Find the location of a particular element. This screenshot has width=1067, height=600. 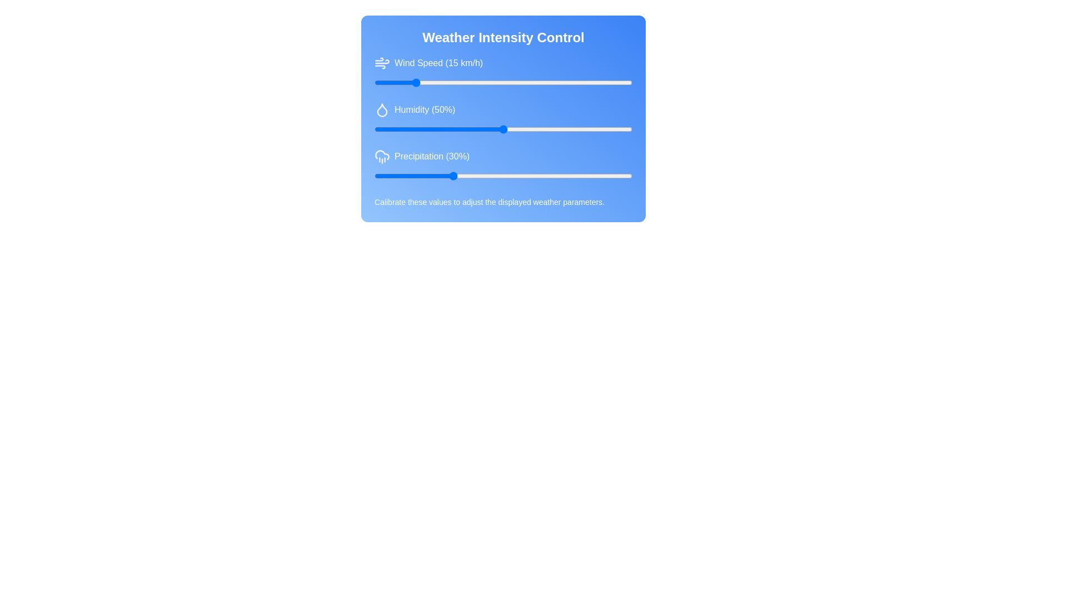

the wind speed is located at coordinates (580, 82).